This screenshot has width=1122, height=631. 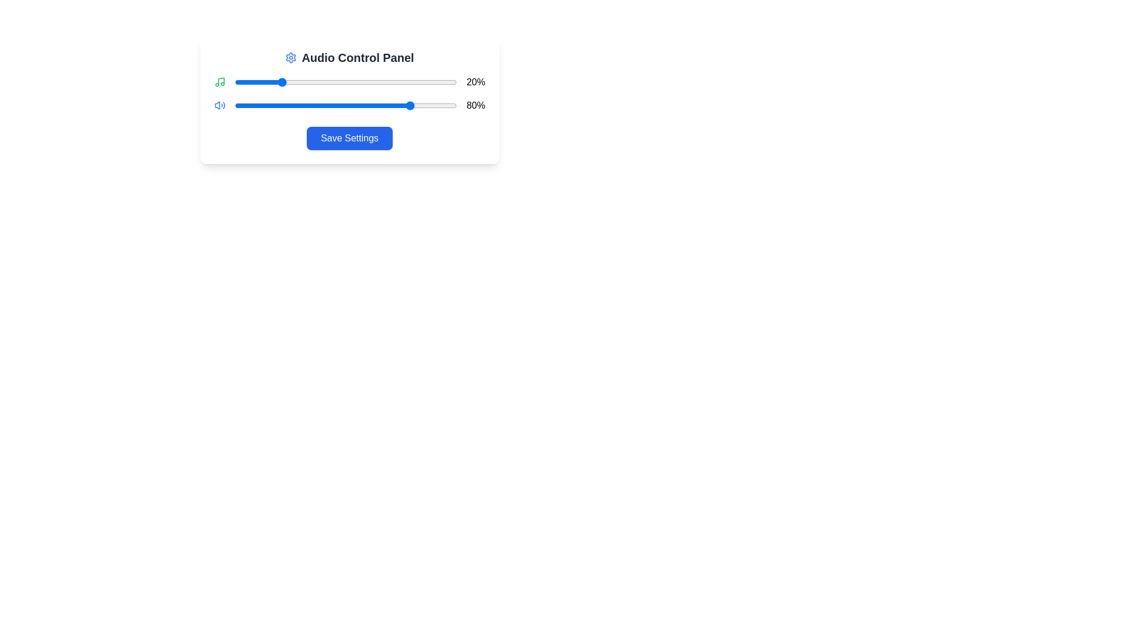 I want to click on the second volume slider to 33%, so click(x=308, y=106).